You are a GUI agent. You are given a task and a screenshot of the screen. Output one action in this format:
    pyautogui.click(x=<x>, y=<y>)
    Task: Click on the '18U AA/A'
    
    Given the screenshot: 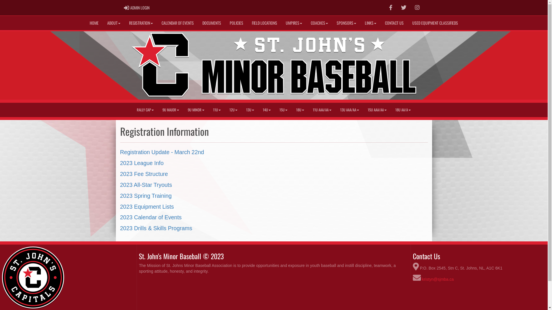 What is the action you would take?
    pyautogui.click(x=402, y=110)
    